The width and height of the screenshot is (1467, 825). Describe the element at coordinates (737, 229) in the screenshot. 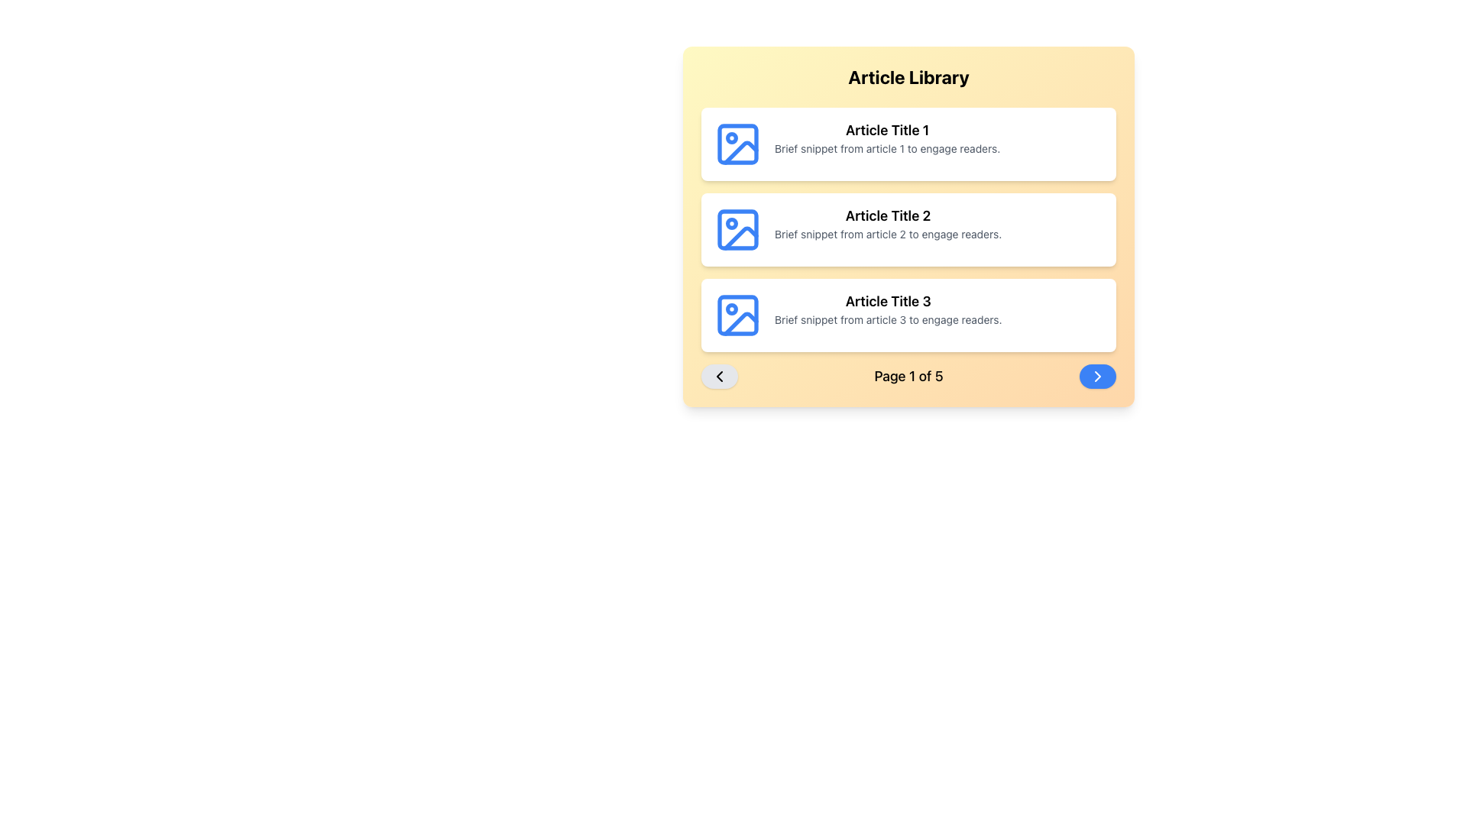

I see `the SVG graphic icon with a blue outline located to the left of 'Article Title 2' in the second row of articles` at that location.